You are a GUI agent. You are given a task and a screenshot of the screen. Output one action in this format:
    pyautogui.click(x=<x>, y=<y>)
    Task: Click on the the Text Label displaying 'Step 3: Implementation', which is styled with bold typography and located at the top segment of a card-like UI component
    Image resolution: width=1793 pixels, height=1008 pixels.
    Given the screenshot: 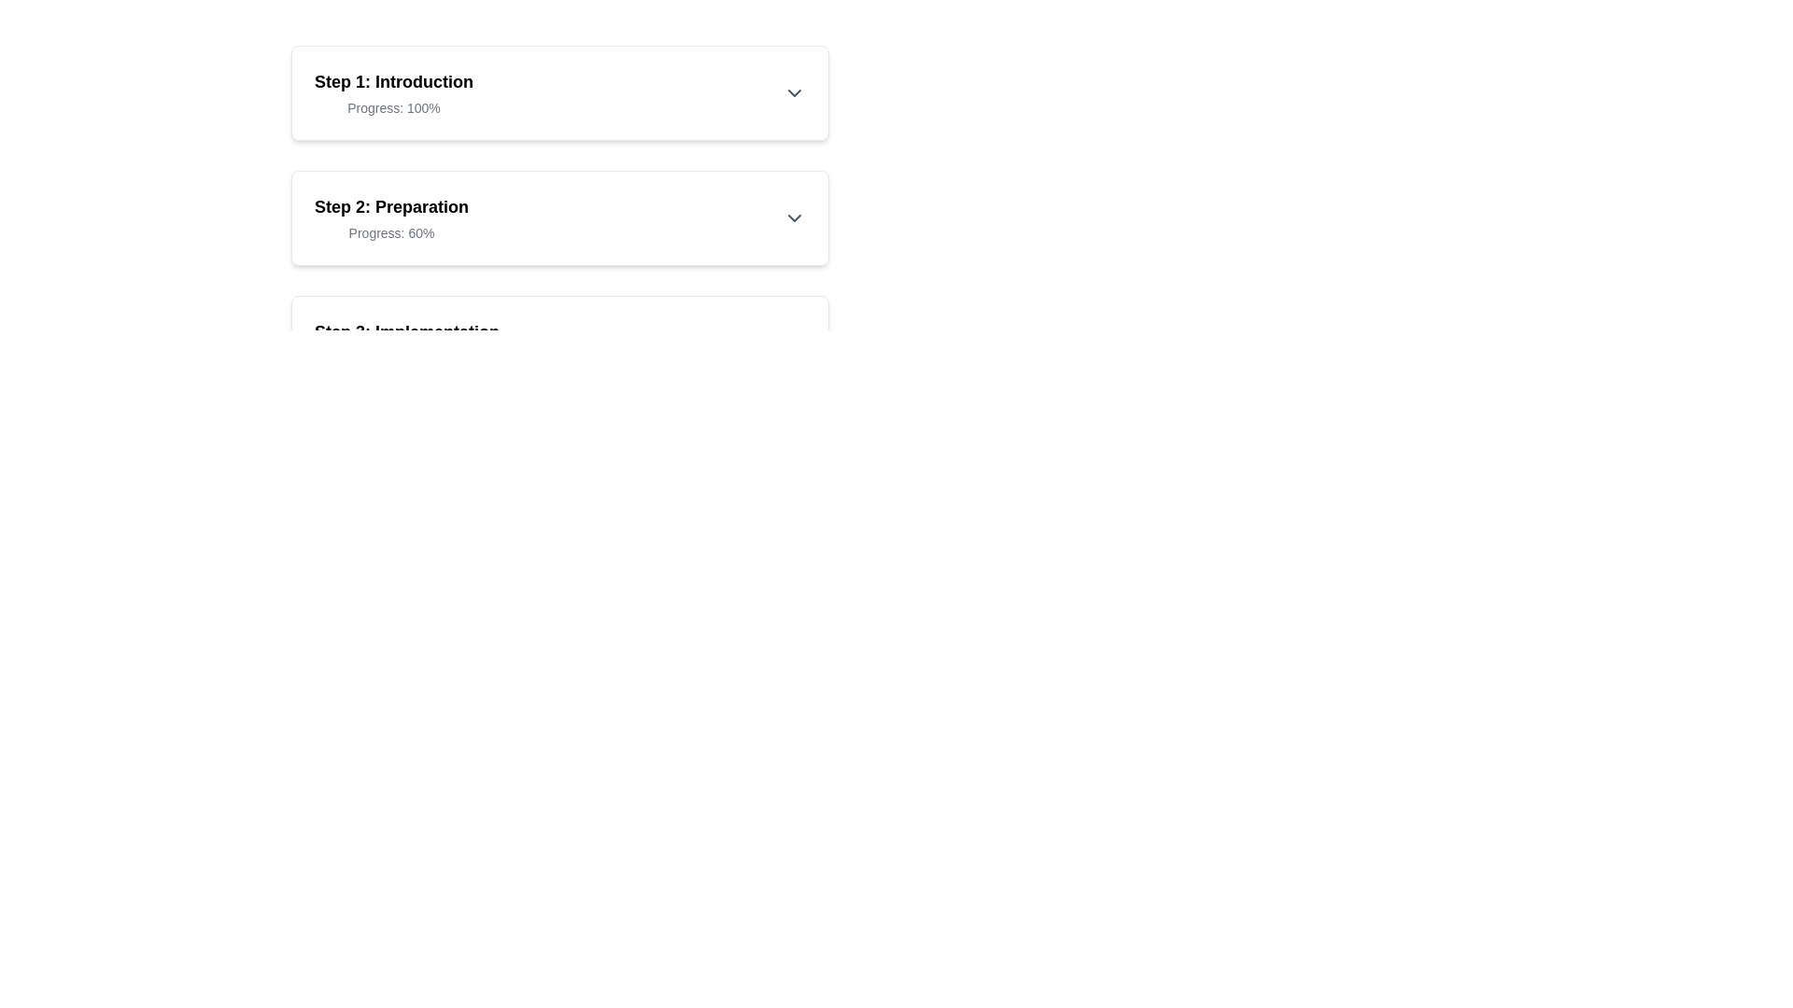 What is the action you would take?
    pyautogui.click(x=406, y=330)
    